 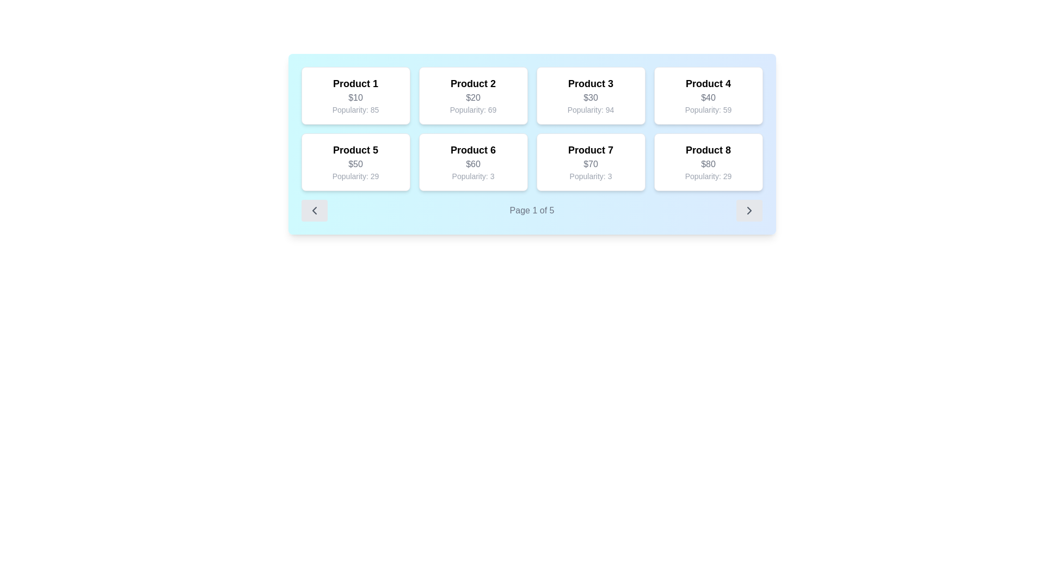 What do you see at coordinates (473, 83) in the screenshot?
I see `the Text Label displaying the product title located in the card labeled 'Product 2' in the top row, second column of the grid` at bounding box center [473, 83].